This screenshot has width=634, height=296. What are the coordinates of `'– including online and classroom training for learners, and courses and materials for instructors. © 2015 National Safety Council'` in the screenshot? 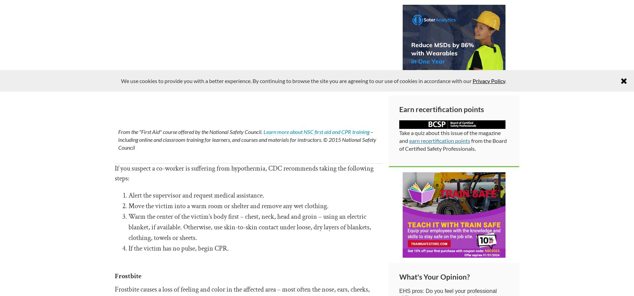 It's located at (118, 139).